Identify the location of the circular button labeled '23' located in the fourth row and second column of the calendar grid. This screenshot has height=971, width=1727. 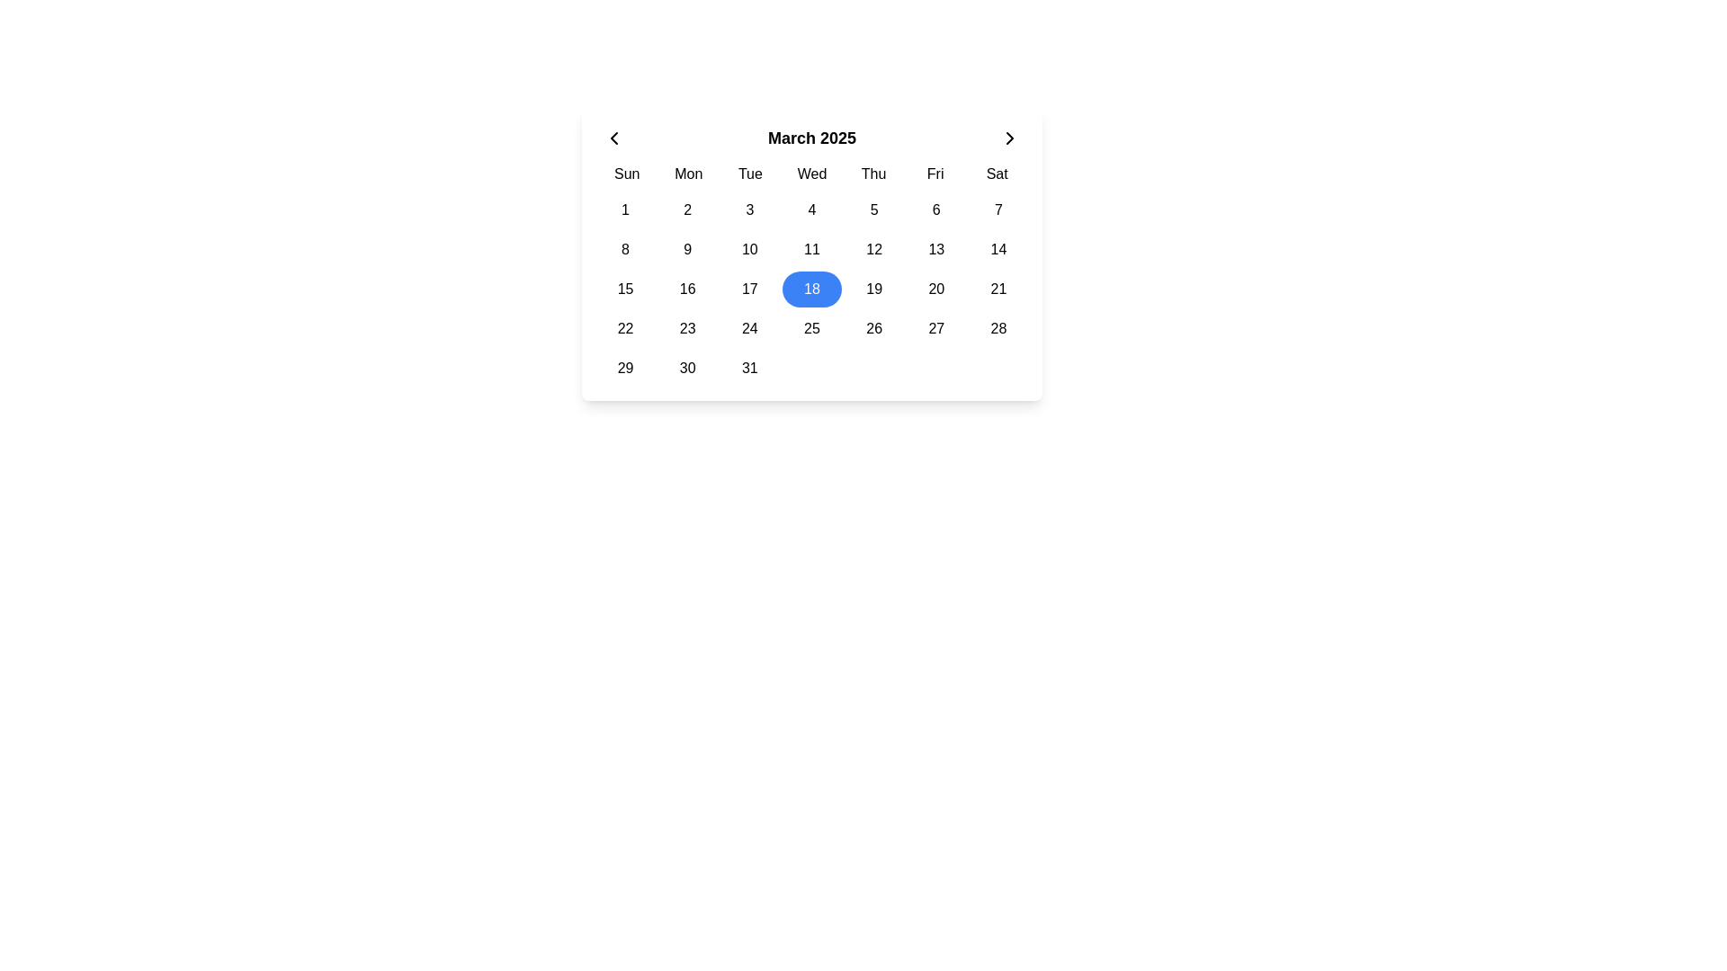
(686, 329).